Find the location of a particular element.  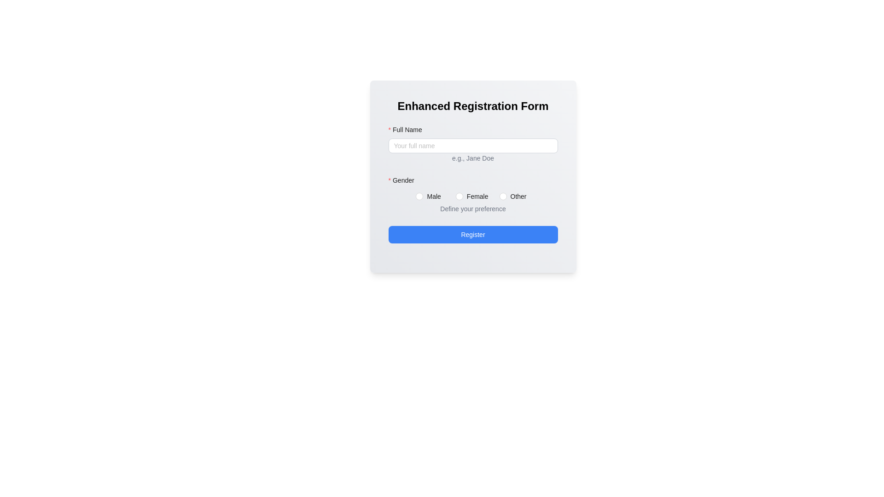

the text label that provides guidance for the 'Full Name' input field, which is located directly beneath the input field in the registration form is located at coordinates (473, 157).